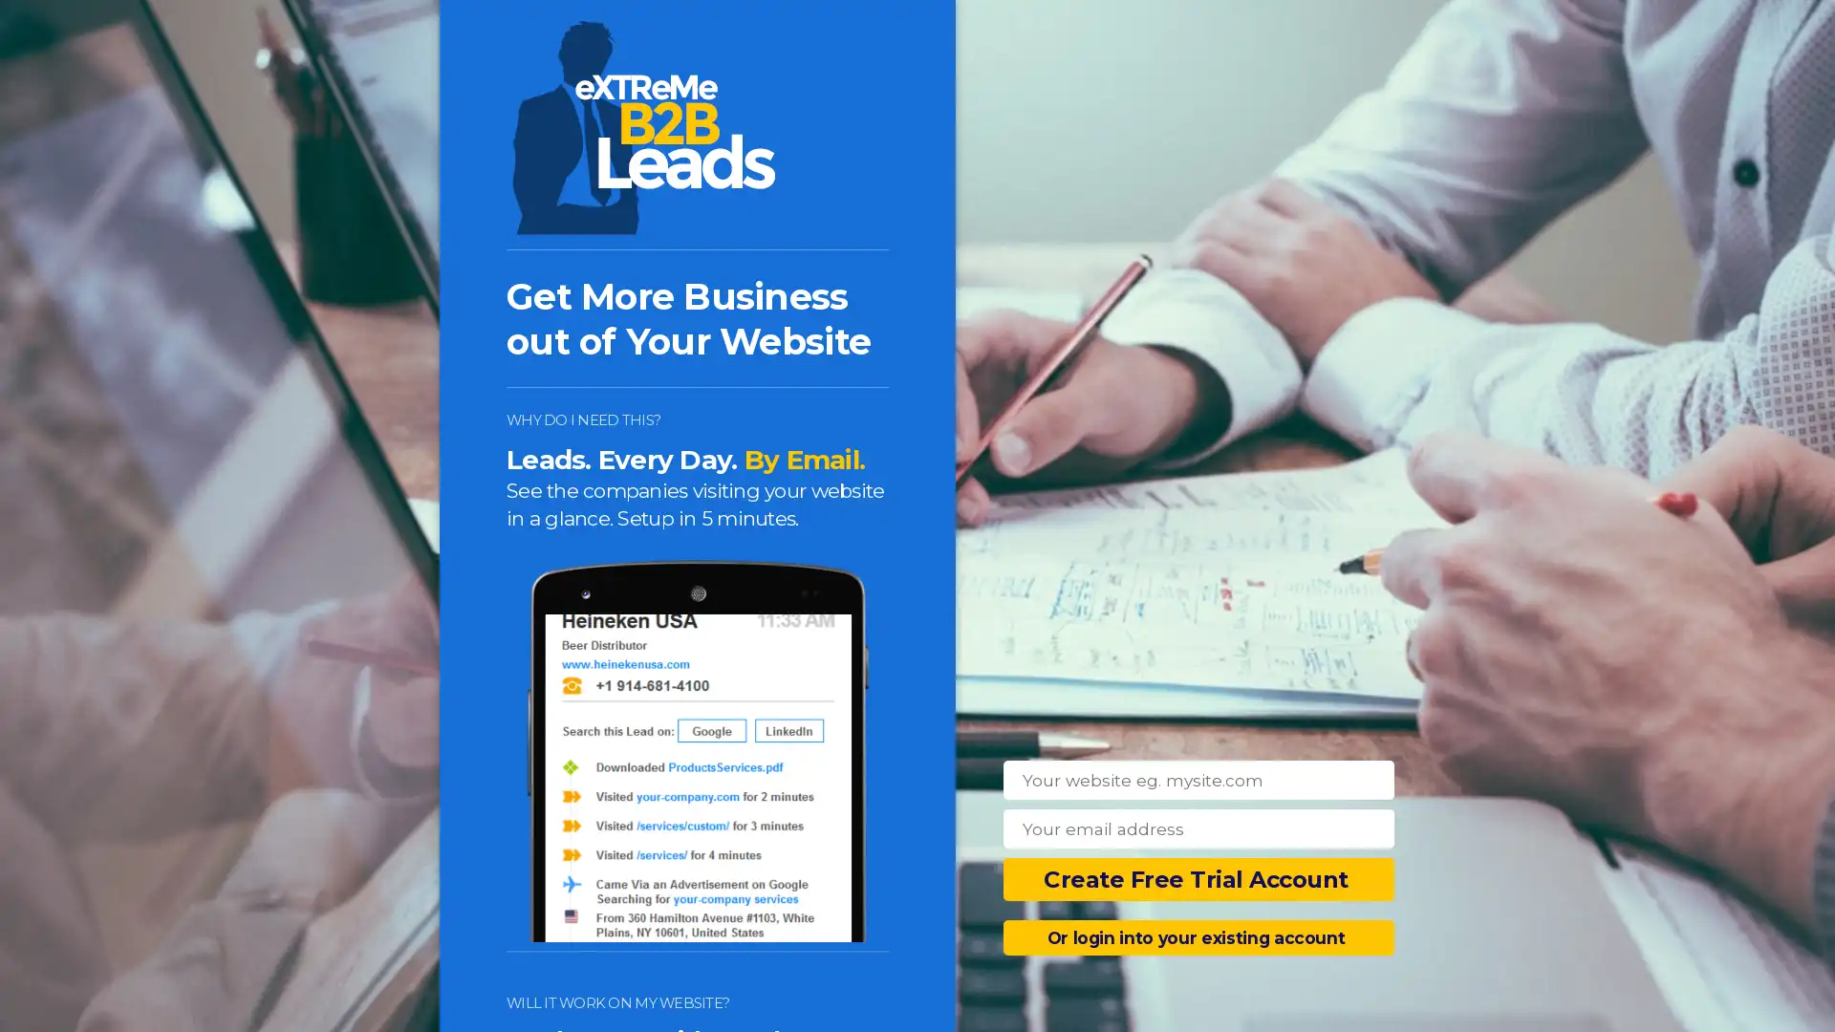 This screenshot has width=1835, height=1032. What do you see at coordinates (1198, 936) in the screenshot?
I see `Or login into your existing account` at bounding box center [1198, 936].